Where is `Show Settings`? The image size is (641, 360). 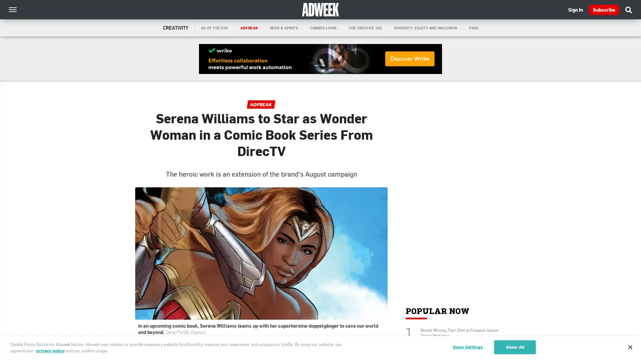
Show Settings is located at coordinates (467, 347).